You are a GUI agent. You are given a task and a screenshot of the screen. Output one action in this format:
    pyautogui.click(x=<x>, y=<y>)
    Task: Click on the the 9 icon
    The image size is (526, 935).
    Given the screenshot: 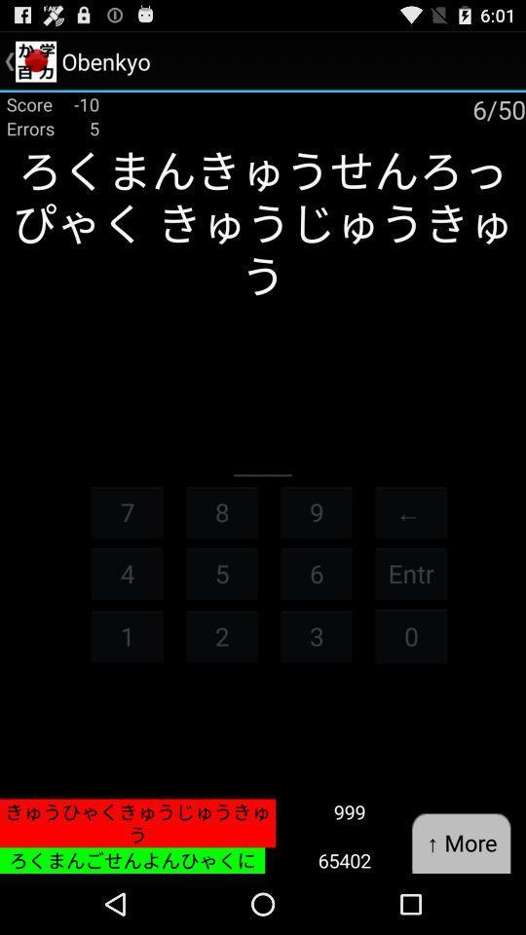 What is the action you would take?
    pyautogui.click(x=317, y=510)
    